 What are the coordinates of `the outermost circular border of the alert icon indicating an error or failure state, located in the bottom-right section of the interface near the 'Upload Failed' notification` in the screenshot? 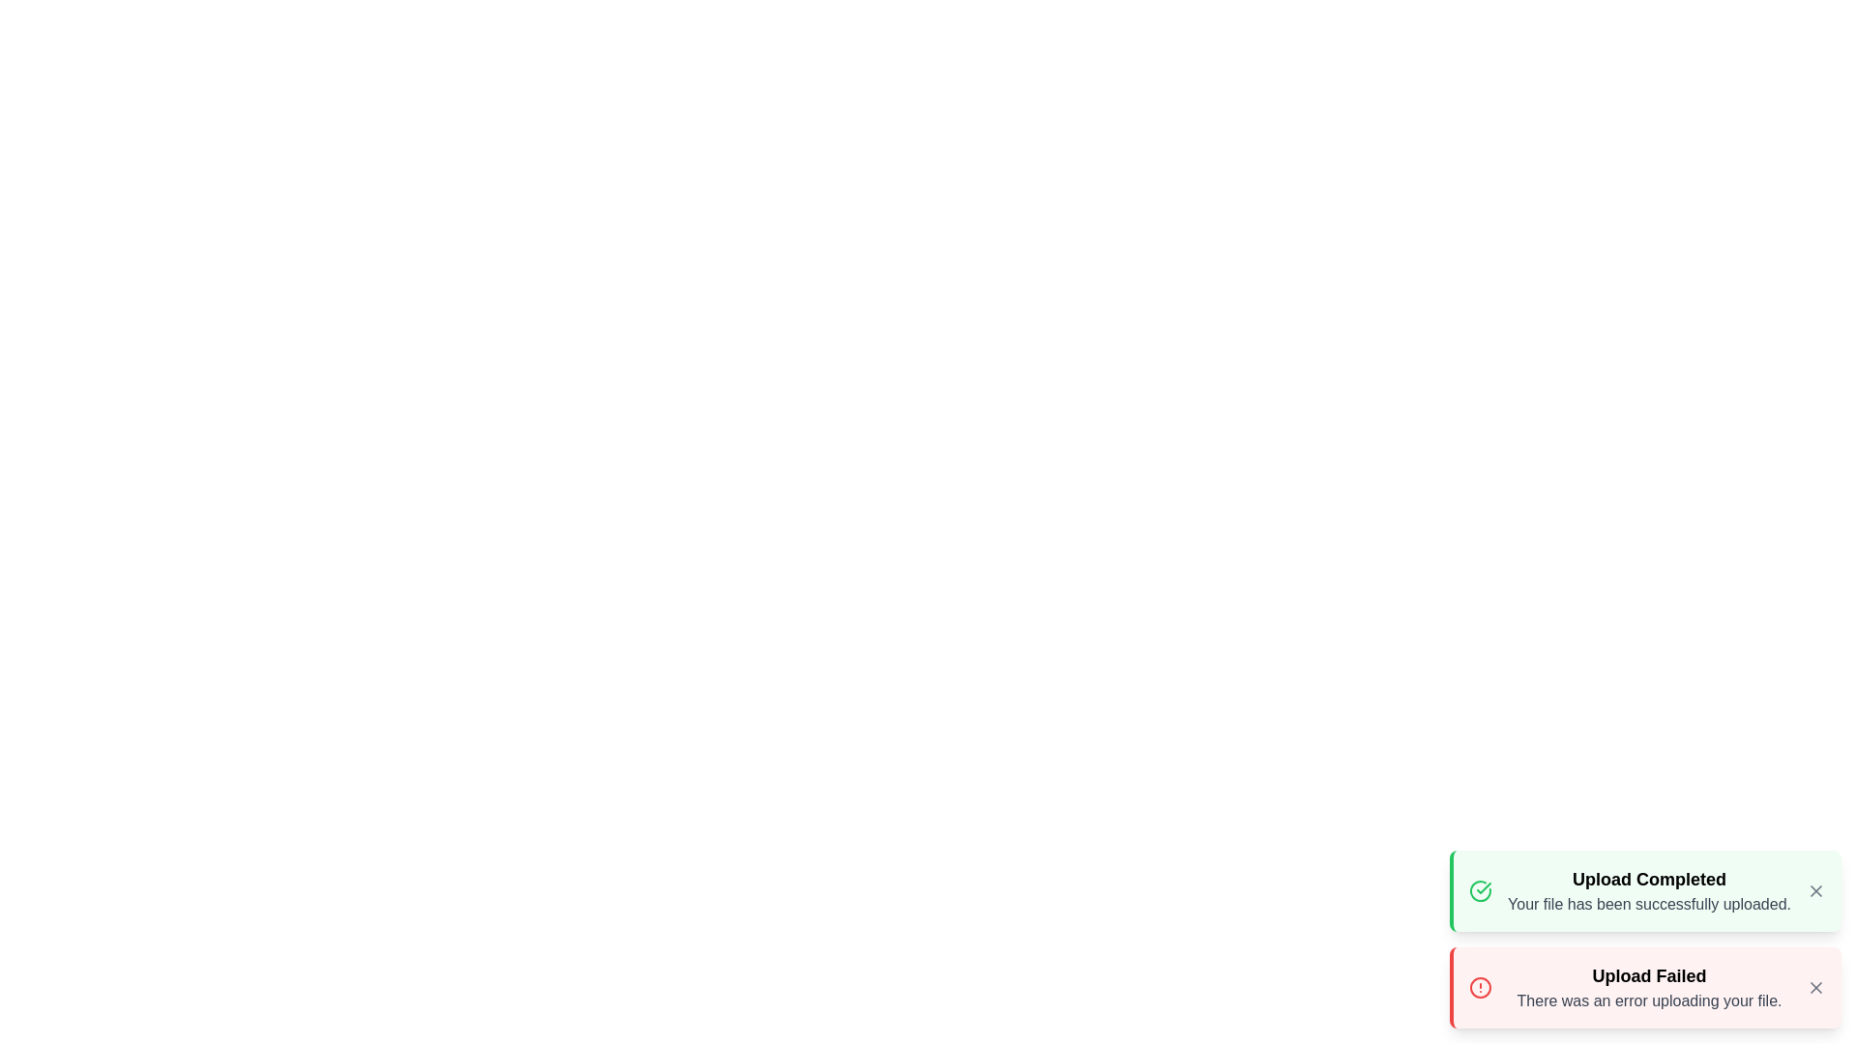 It's located at (1480, 988).